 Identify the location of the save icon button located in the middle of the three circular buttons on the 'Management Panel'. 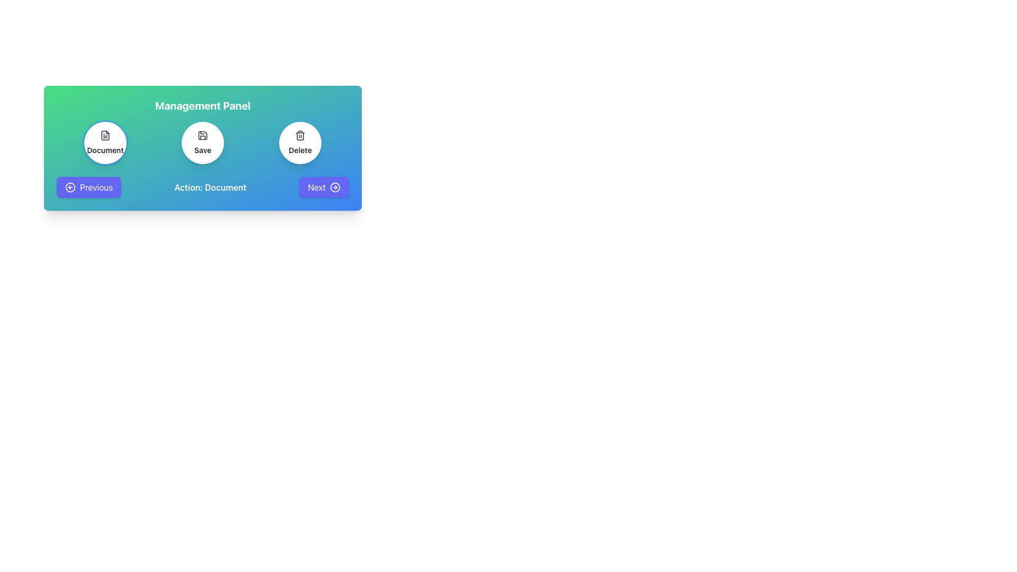
(203, 135).